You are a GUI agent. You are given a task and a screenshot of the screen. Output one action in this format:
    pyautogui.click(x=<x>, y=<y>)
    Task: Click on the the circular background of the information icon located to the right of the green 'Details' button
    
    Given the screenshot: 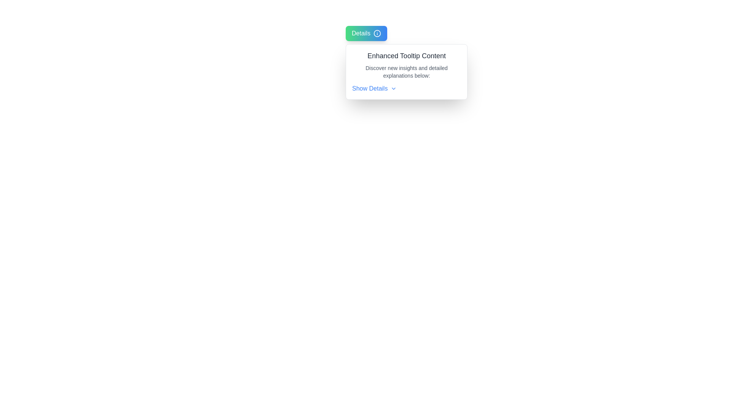 What is the action you would take?
    pyautogui.click(x=377, y=33)
    